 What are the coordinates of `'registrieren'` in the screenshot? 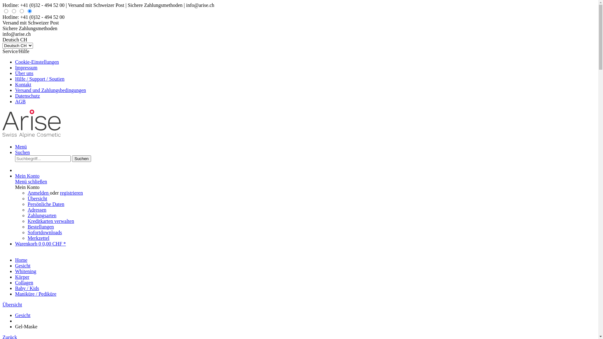 It's located at (71, 192).